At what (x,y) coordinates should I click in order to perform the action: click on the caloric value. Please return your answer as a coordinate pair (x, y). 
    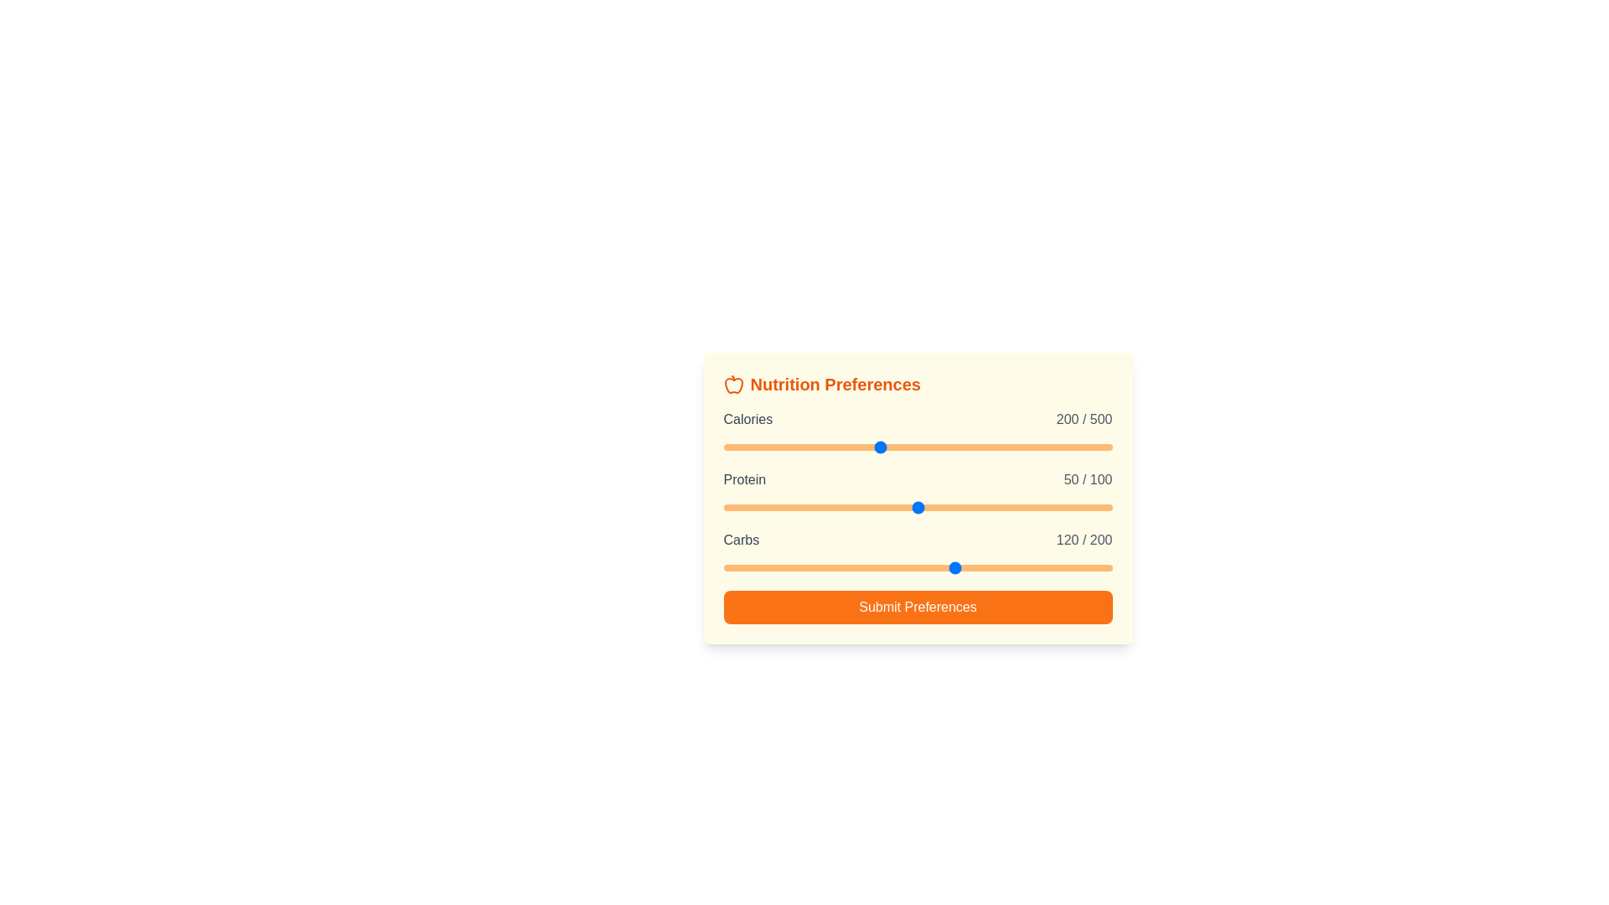
    Looking at the image, I should click on (836, 446).